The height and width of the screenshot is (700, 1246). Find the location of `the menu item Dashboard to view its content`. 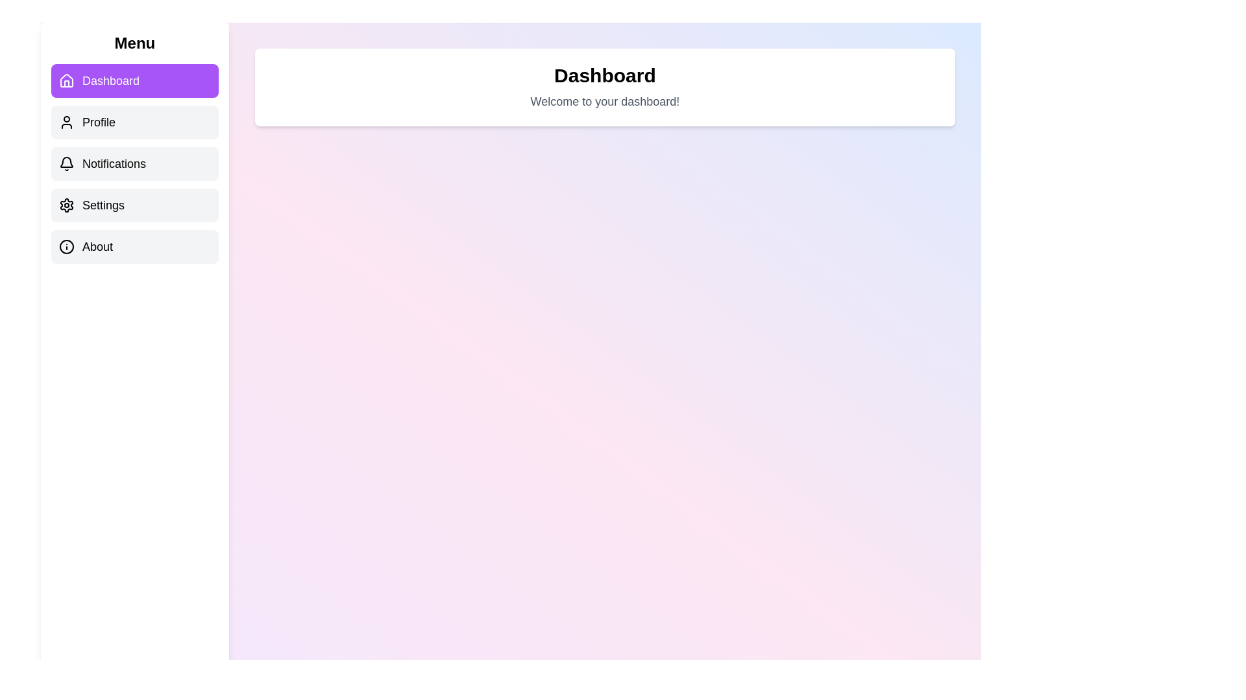

the menu item Dashboard to view its content is located at coordinates (134, 80).